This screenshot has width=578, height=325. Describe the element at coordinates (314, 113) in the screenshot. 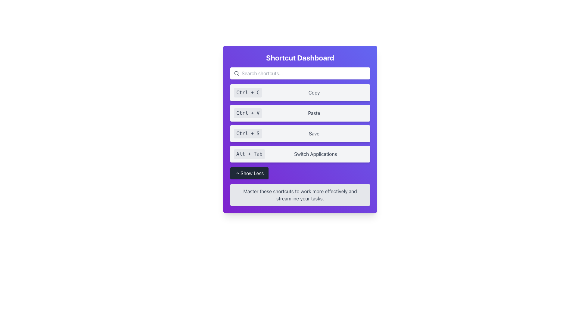

I see `the static text descriptor that indicates the paste action associated with 'Ctrl + V', located in the Shortcut Dashboard` at that location.